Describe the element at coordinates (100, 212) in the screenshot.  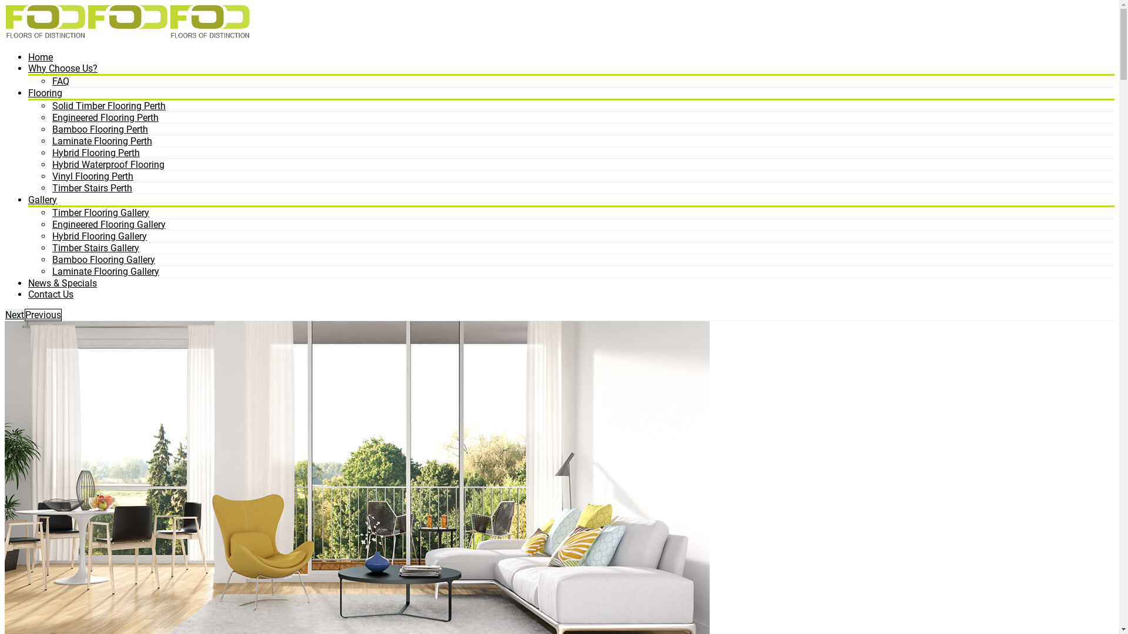
I see `'Timber Flooring Gallery'` at that location.